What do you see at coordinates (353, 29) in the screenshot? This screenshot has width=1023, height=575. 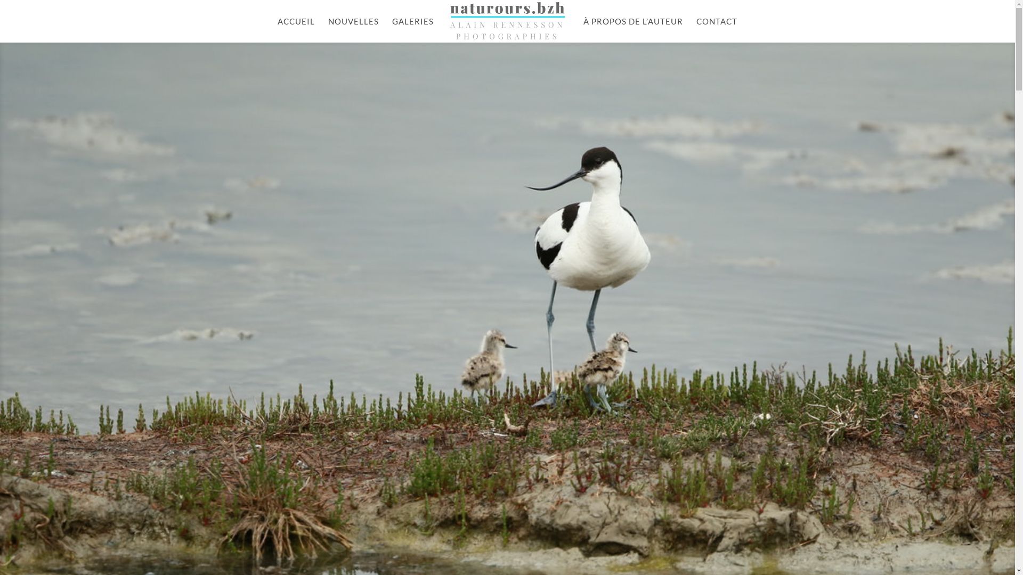 I see `'NOUVELLES'` at bounding box center [353, 29].